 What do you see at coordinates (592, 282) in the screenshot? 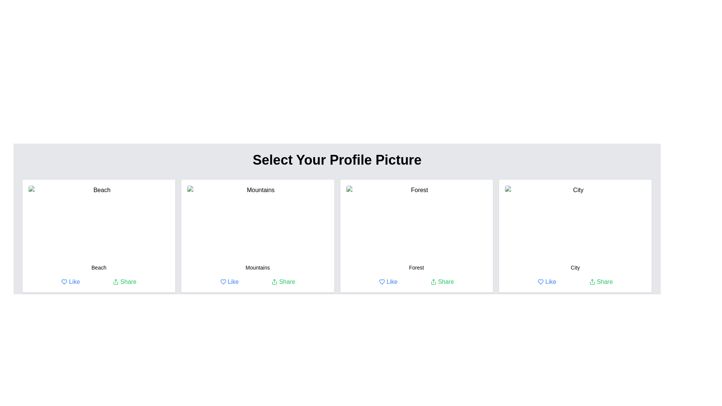
I see `the green share icon, which is part of the 'Share' button located on the right of the 'Like' icon in the fourth item of a horizontally arranged grid of options` at bounding box center [592, 282].